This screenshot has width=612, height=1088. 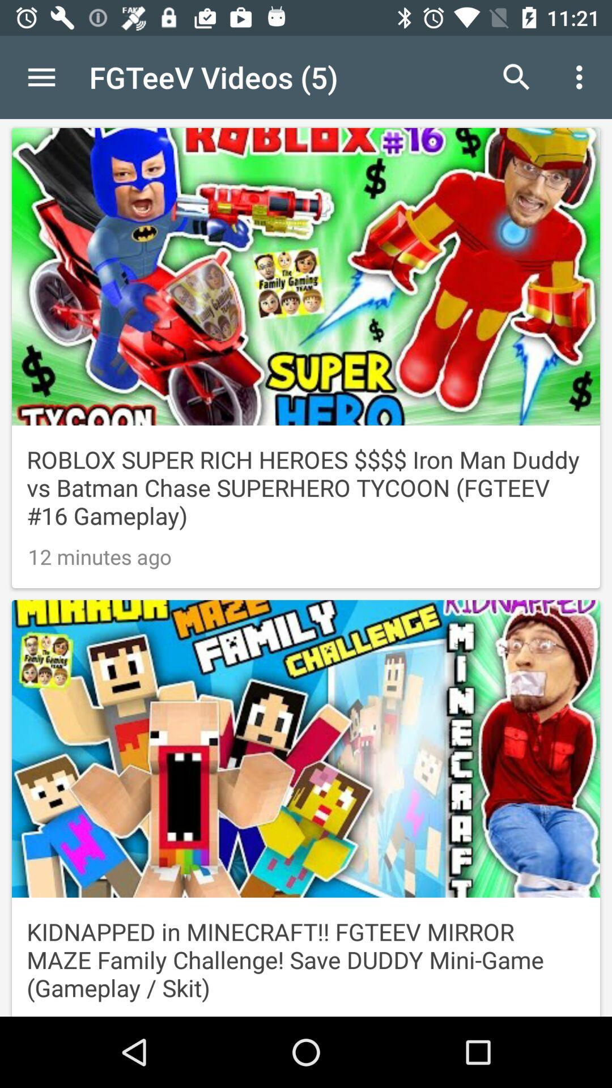 I want to click on icon next to the fgteev videos (5) app, so click(x=41, y=76).